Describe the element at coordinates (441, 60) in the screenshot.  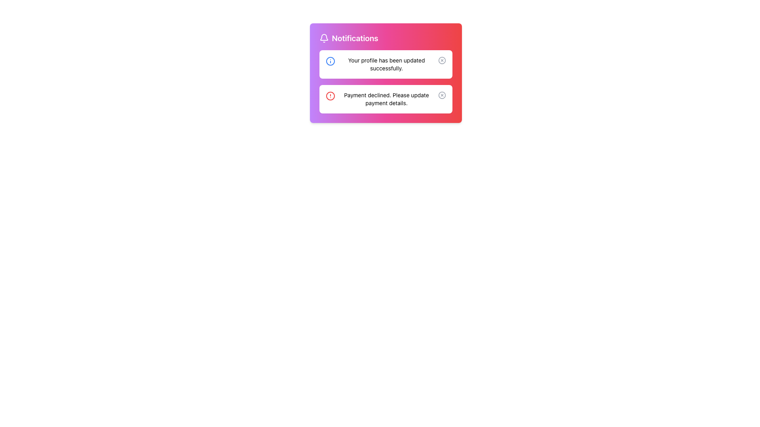
I see `the close button located at the top right corner of the notification card` at that location.